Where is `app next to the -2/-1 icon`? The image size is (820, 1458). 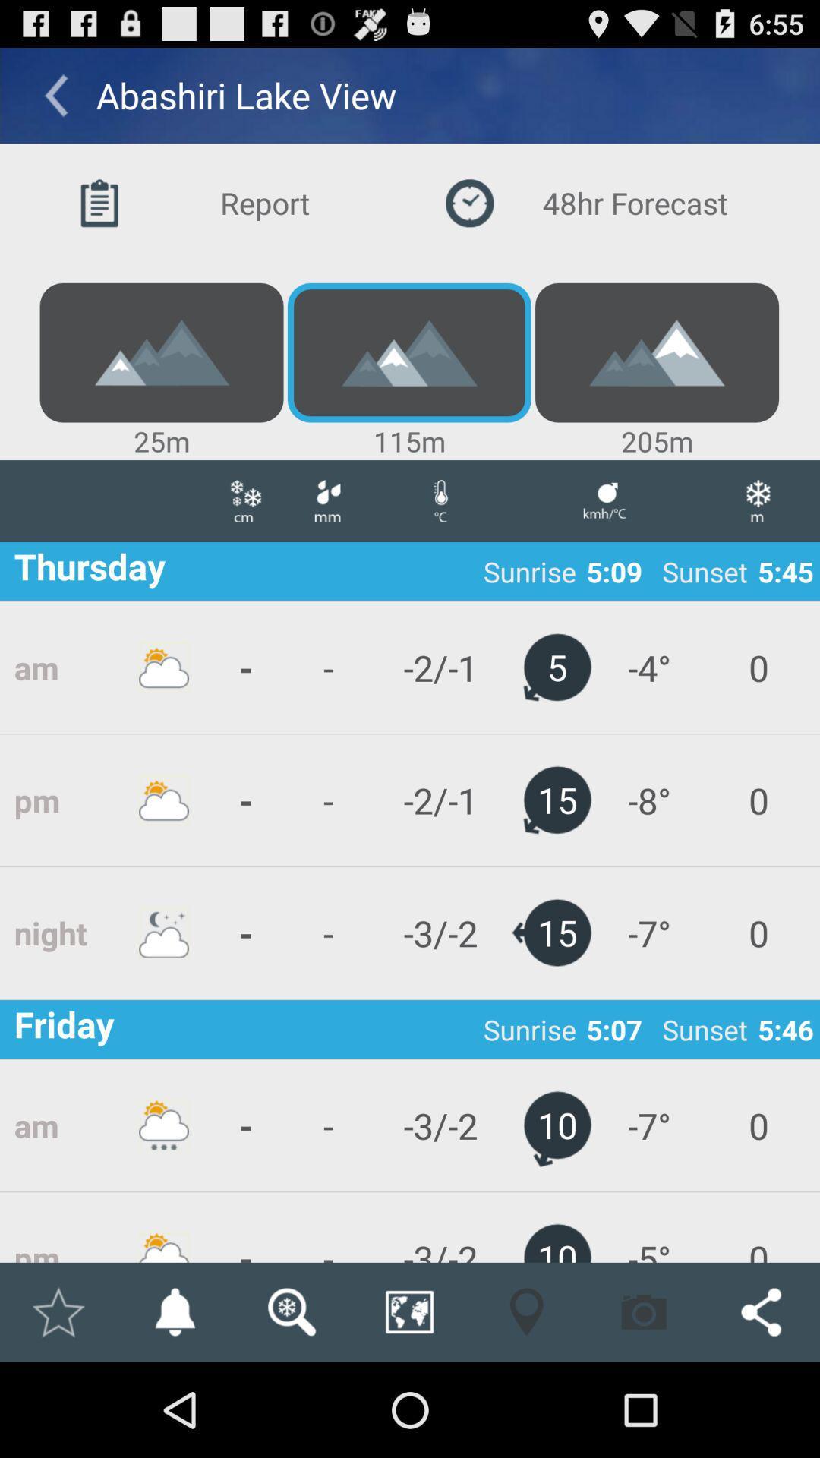
app next to the -2/-1 icon is located at coordinates (327, 932).